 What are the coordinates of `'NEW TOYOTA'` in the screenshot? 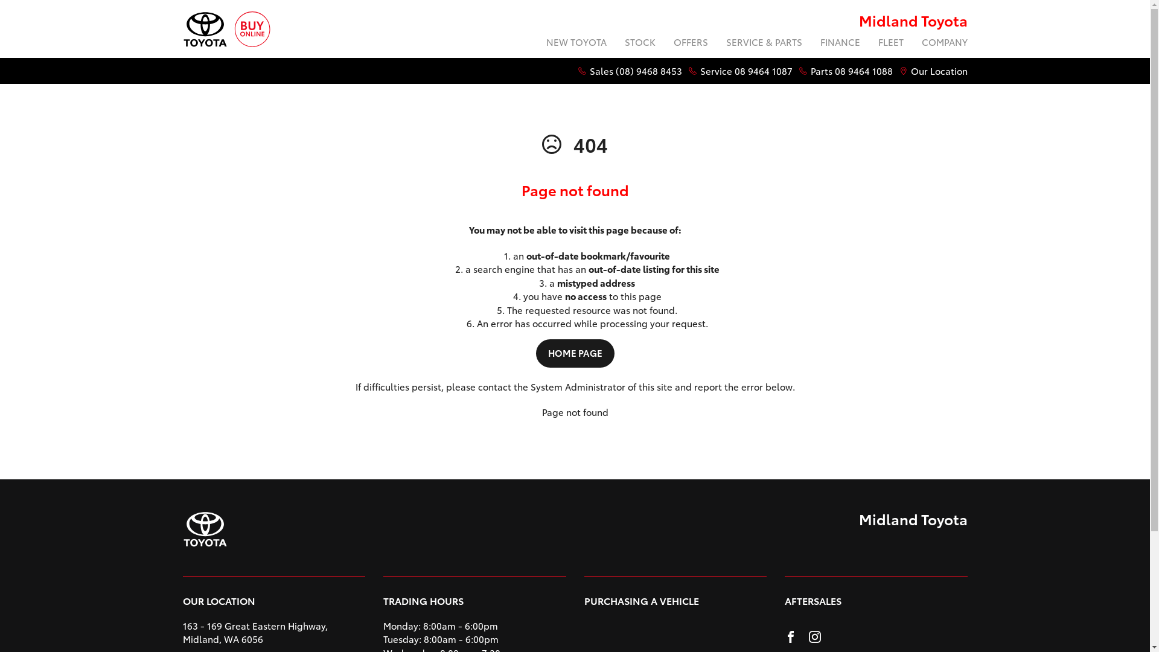 It's located at (536, 43).